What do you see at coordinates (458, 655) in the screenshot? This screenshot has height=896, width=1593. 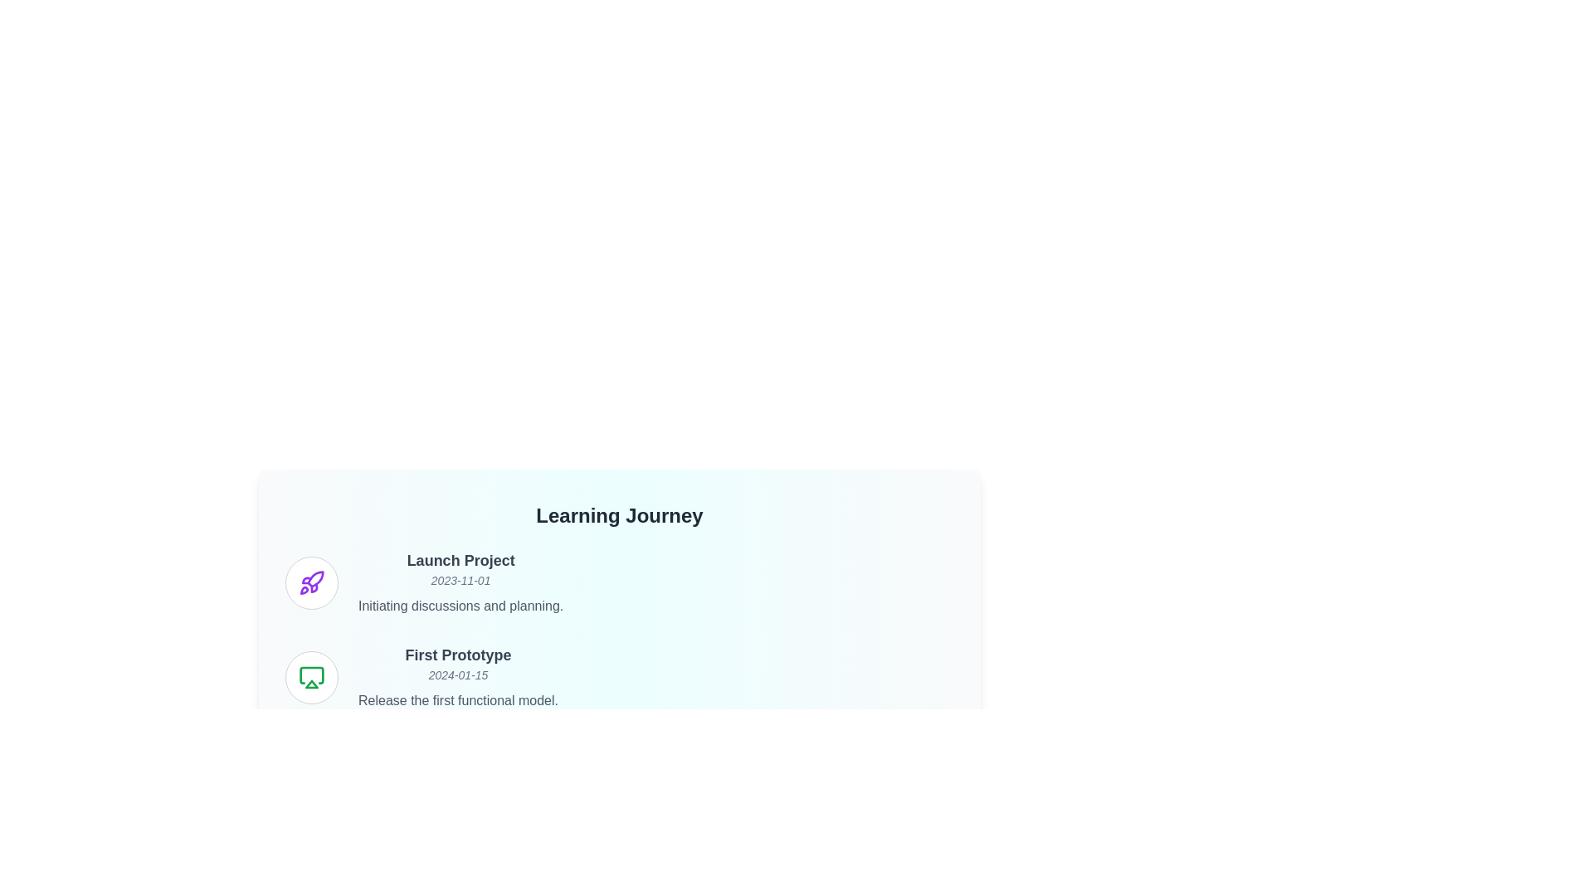 I see `the Text Label located in the second row of the milestones list, positioned above '2024-01-15' and below 'First Prototype'` at bounding box center [458, 655].